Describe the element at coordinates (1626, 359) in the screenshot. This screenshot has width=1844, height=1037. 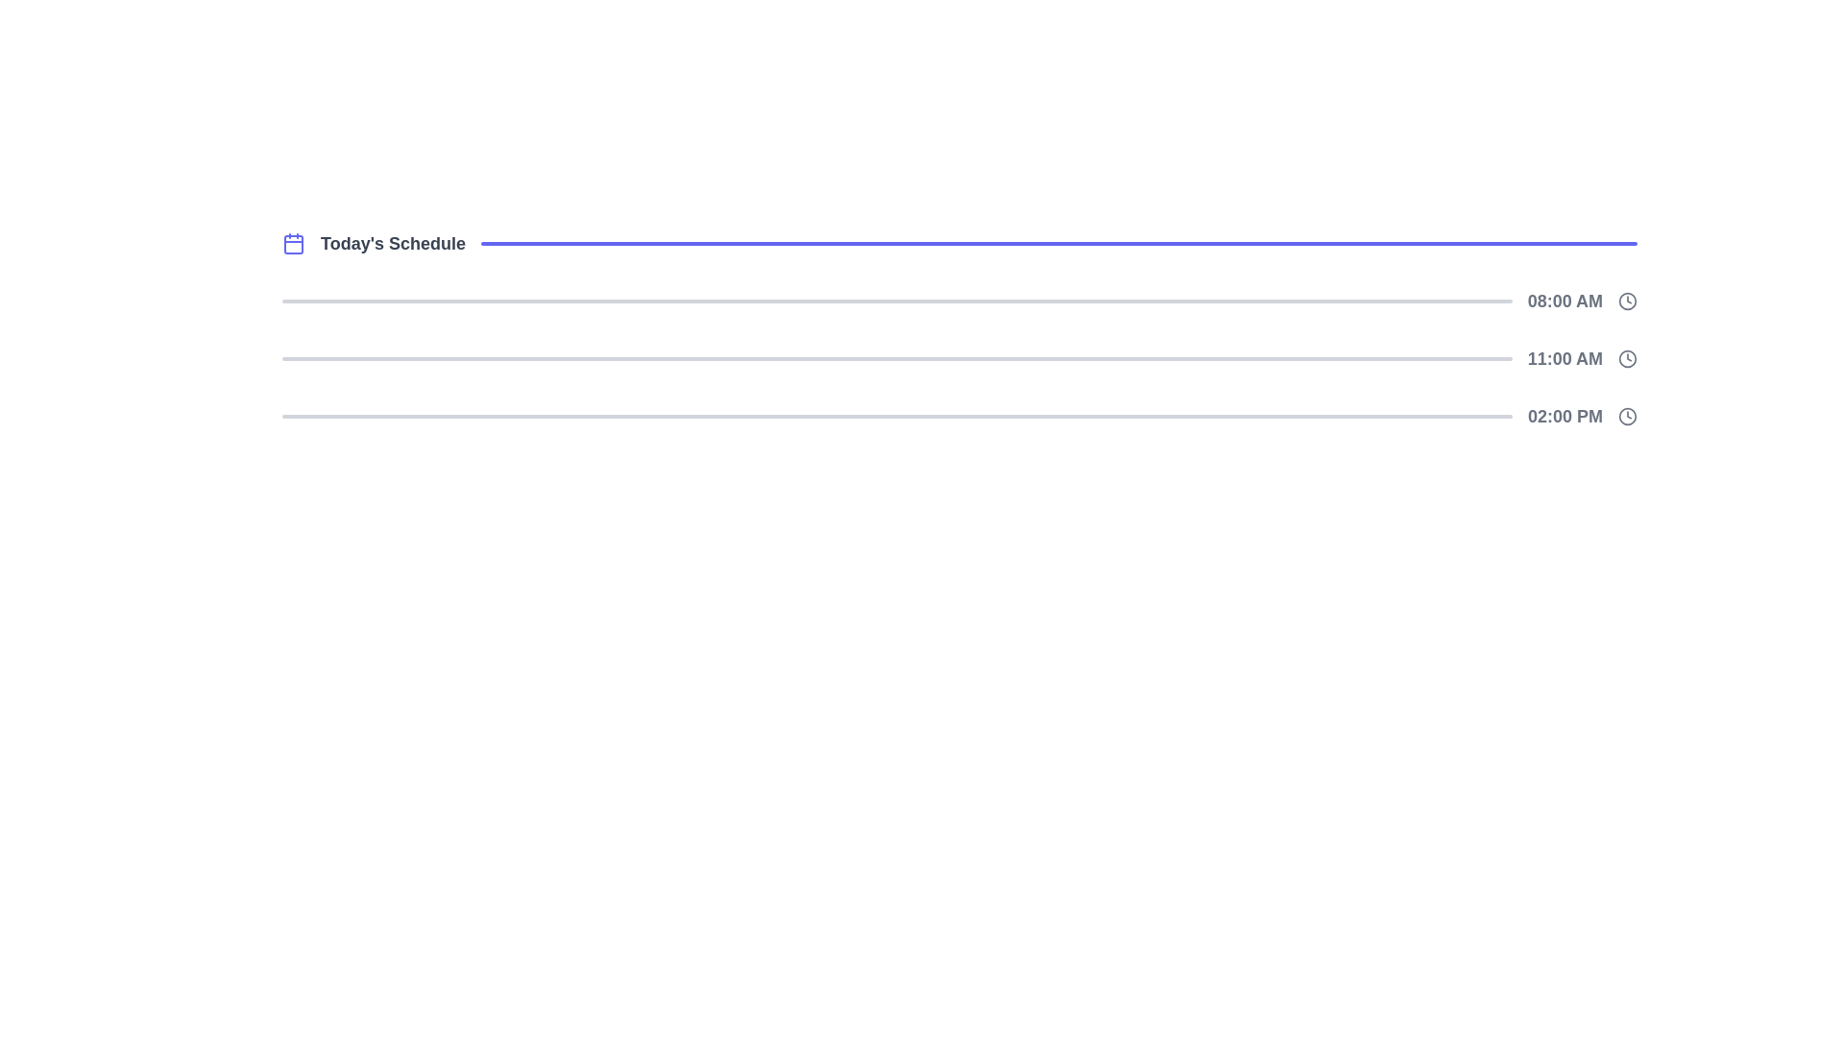
I see `the outer circular graphic of the clock icon, which represents the boundary of the clock and is located to the right of the '11:00 AM' text in the schedule interface` at that location.